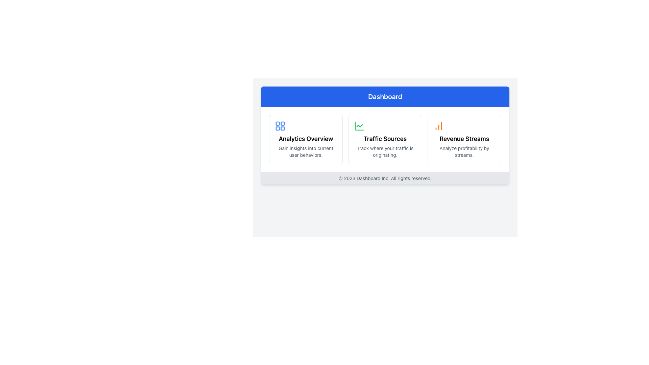 This screenshot has height=365, width=649. I want to click on the grid layout comprised of three cards displaying 'Analytics Overview,' 'Traffic Sources,' and 'Revenue Streams' located below the 'Dashboard' header, so click(385, 139).